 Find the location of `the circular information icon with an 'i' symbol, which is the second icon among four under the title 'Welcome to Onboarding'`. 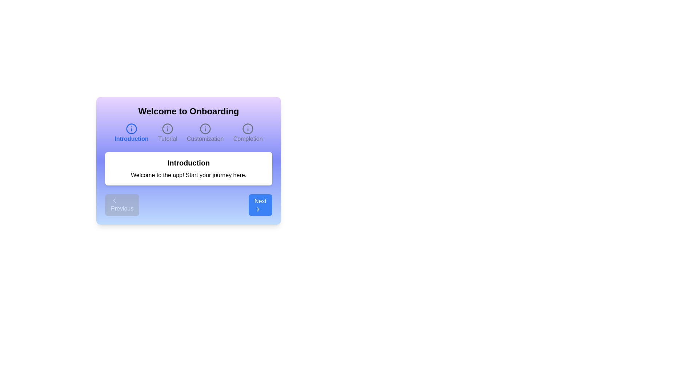

the circular information icon with an 'i' symbol, which is the second icon among four under the title 'Welcome to Onboarding' is located at coordinates (167, 128).